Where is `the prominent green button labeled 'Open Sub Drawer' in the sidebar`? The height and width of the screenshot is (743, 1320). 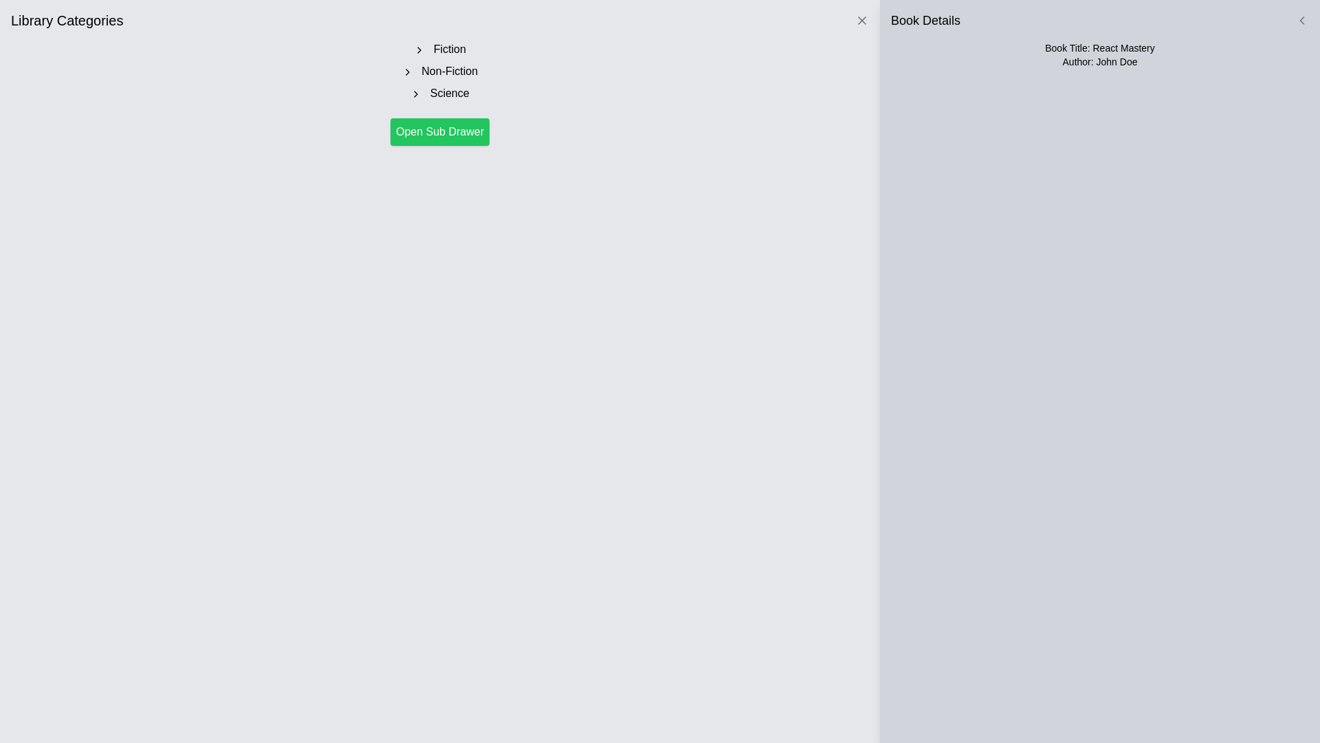
the prominent green button labeled 'Open Sub Drawer' in the sidebar is located at coordinates (439, 132).